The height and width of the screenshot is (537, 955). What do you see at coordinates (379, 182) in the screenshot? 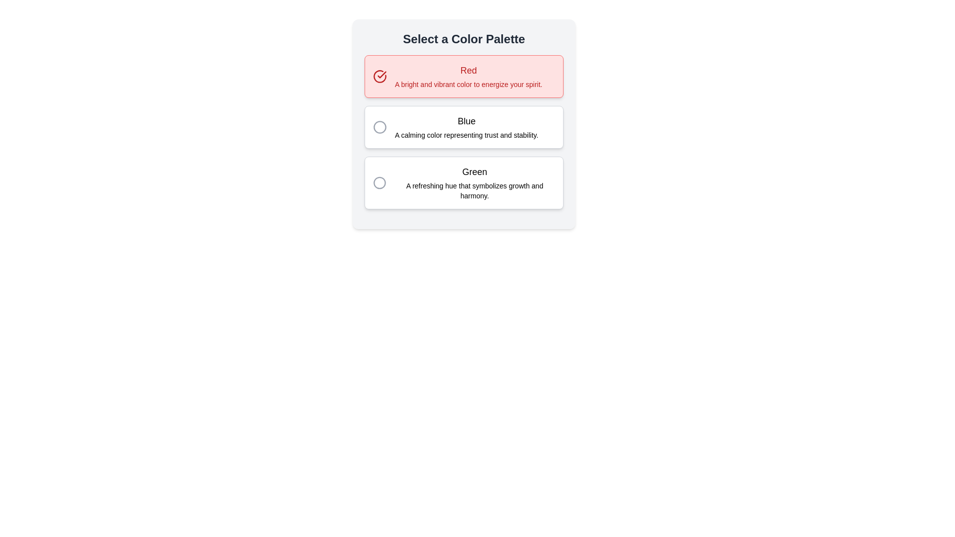
I see `the visual indicator located in the third selection box labeled 'Green'` at bounding box center [379, 182].